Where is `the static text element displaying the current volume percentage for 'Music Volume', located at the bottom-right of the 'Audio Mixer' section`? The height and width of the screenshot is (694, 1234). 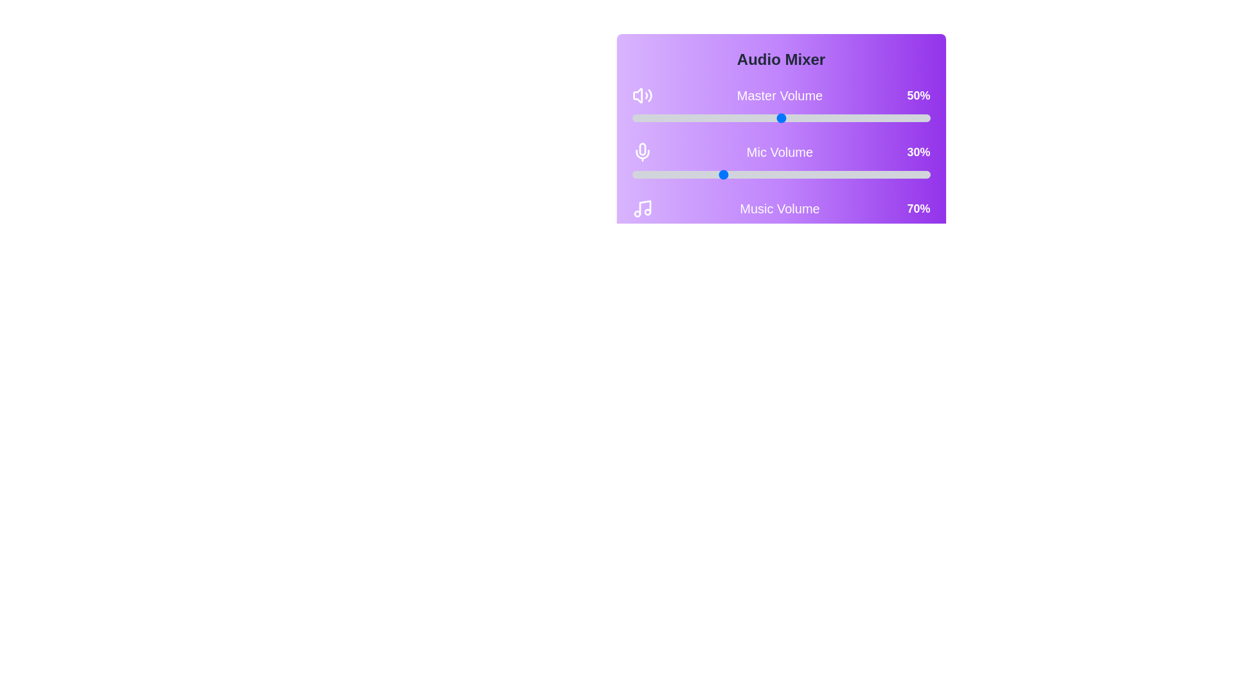 the static text element displaying the current volume percentage for 'Music Volume', located at the bottom-right of the 'Audio Mixer' section is located at coordinates (918, 208).